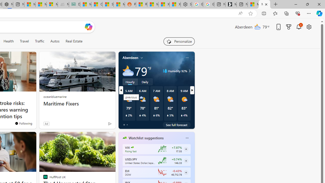 The image size is (325, 183). What do you see at coordinates (189, 71) in the screenshot?
I see `'Class: weather-arrow-glyph'` at bounding box center [189, 71].